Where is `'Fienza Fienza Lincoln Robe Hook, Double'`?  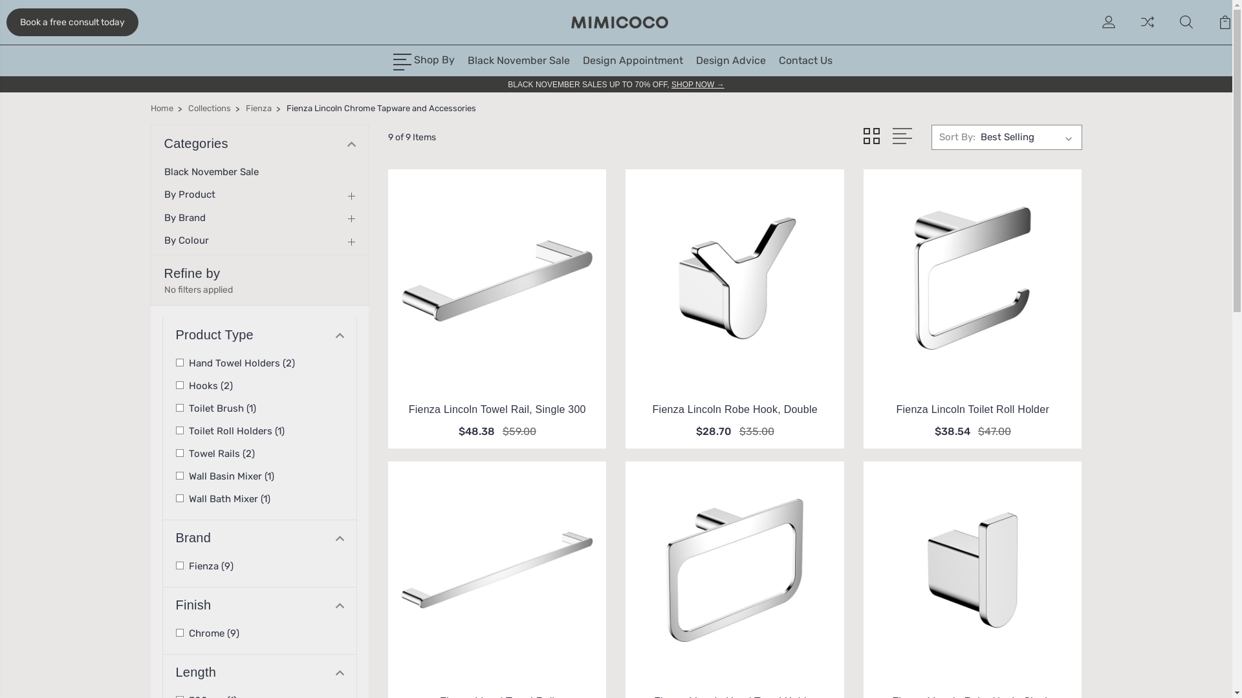 'Fienza Fienza Lincoln Robe Hook, Double' is located at coordinates (734, 277).